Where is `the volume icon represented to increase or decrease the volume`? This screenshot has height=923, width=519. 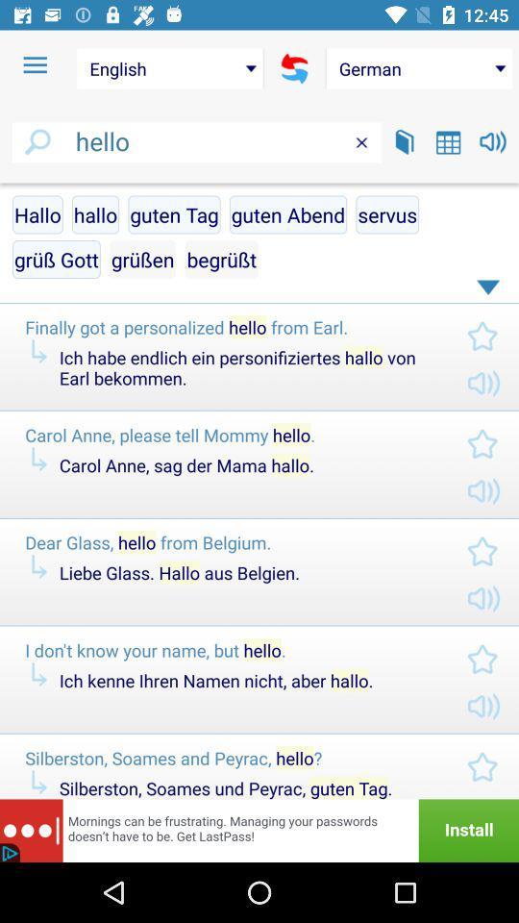
the volume icon represented to increase or decrease the volume is located at coordinates (493, 140).